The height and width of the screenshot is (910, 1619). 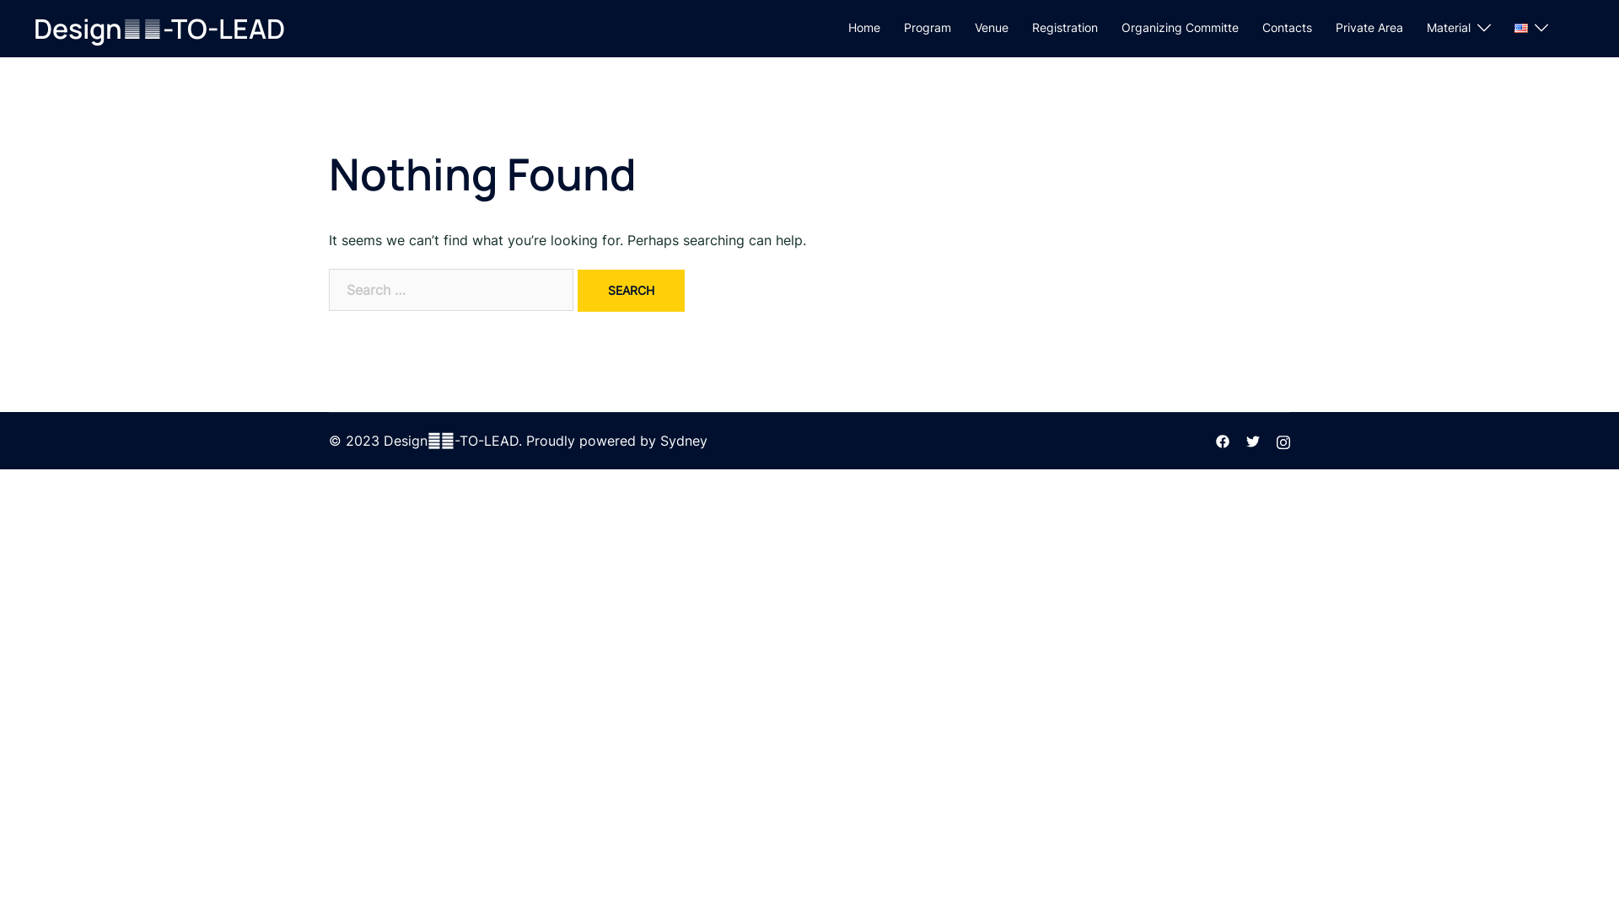 What do you see at coordinates (1286, 28) in the screenshot?
I see `'Contacts'` at bounding box center [1286, 28].